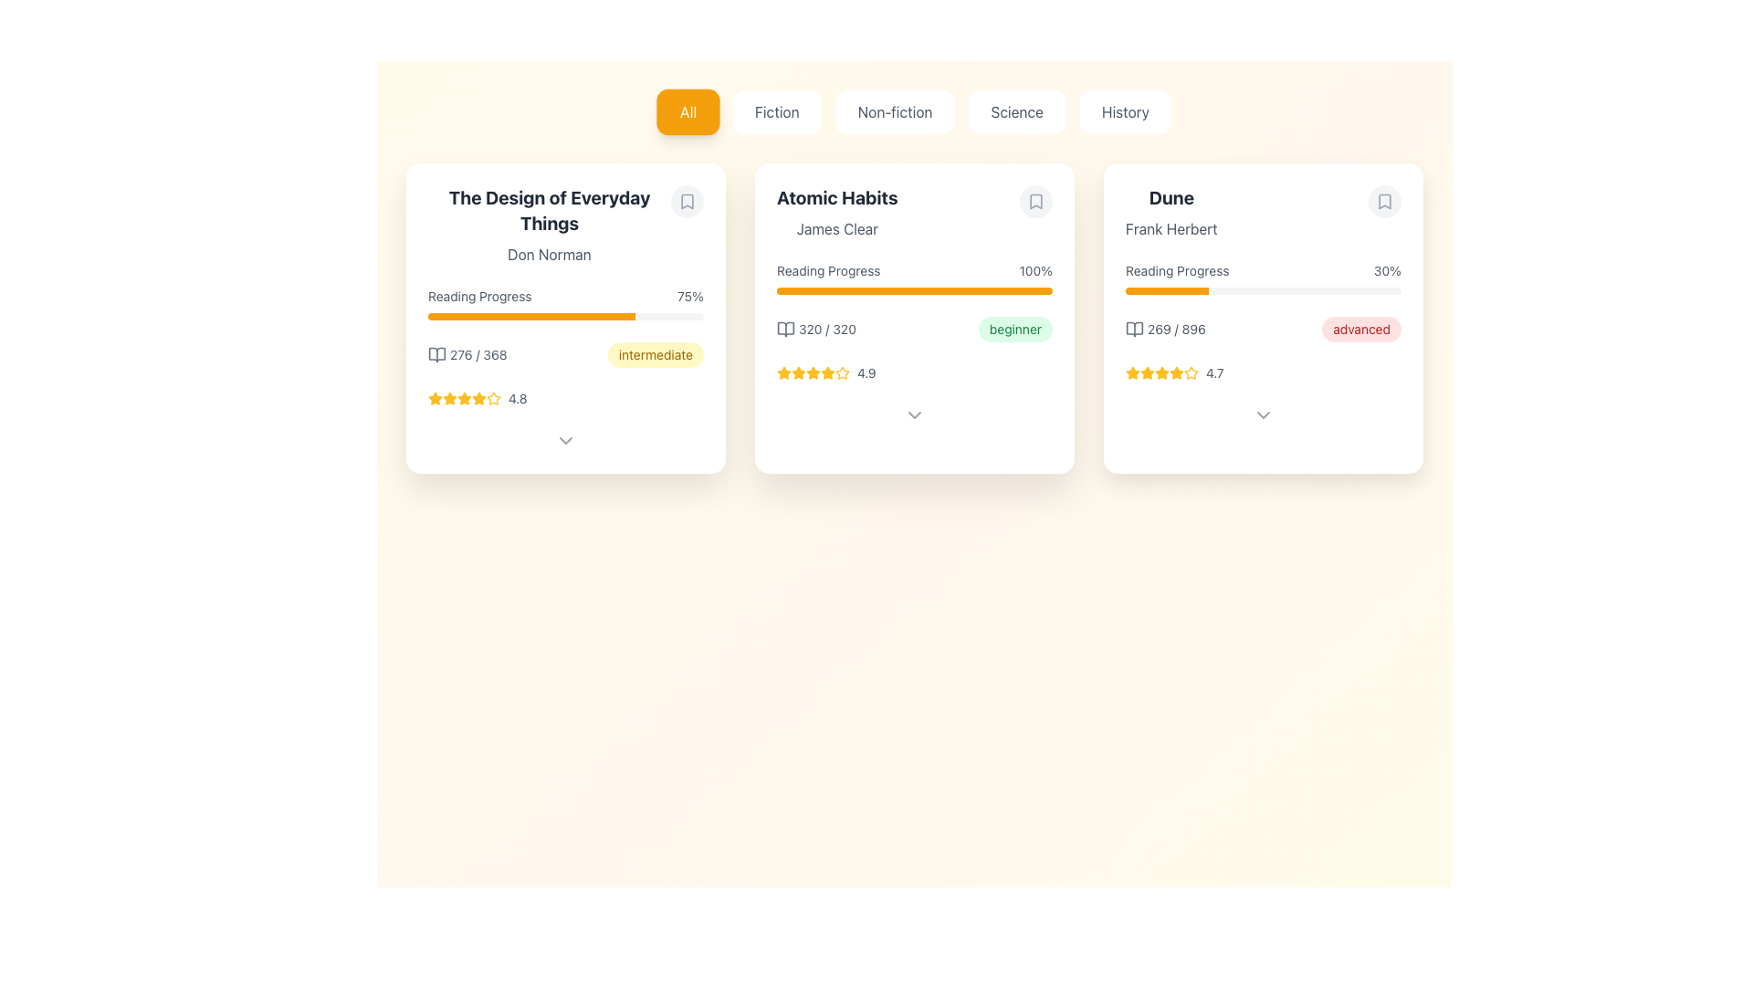 This screenshot has height=986, width=1753. I want to click on the fifth star icon in the star rating system within the card titled 'The Design of Everyday Things', so click(478, 397).